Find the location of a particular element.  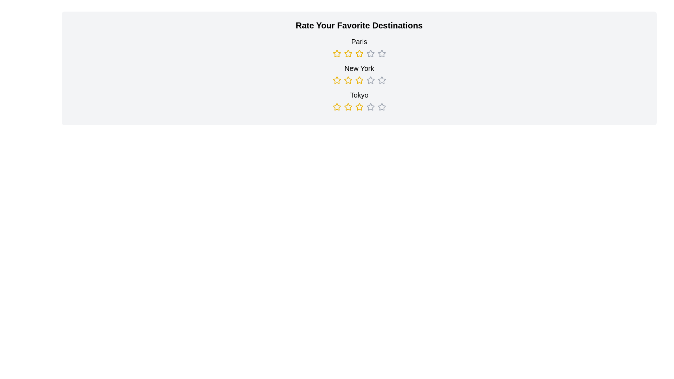

the fourth gray star icon in the rating row under 'Paris' is located at coordinates (381, 53).